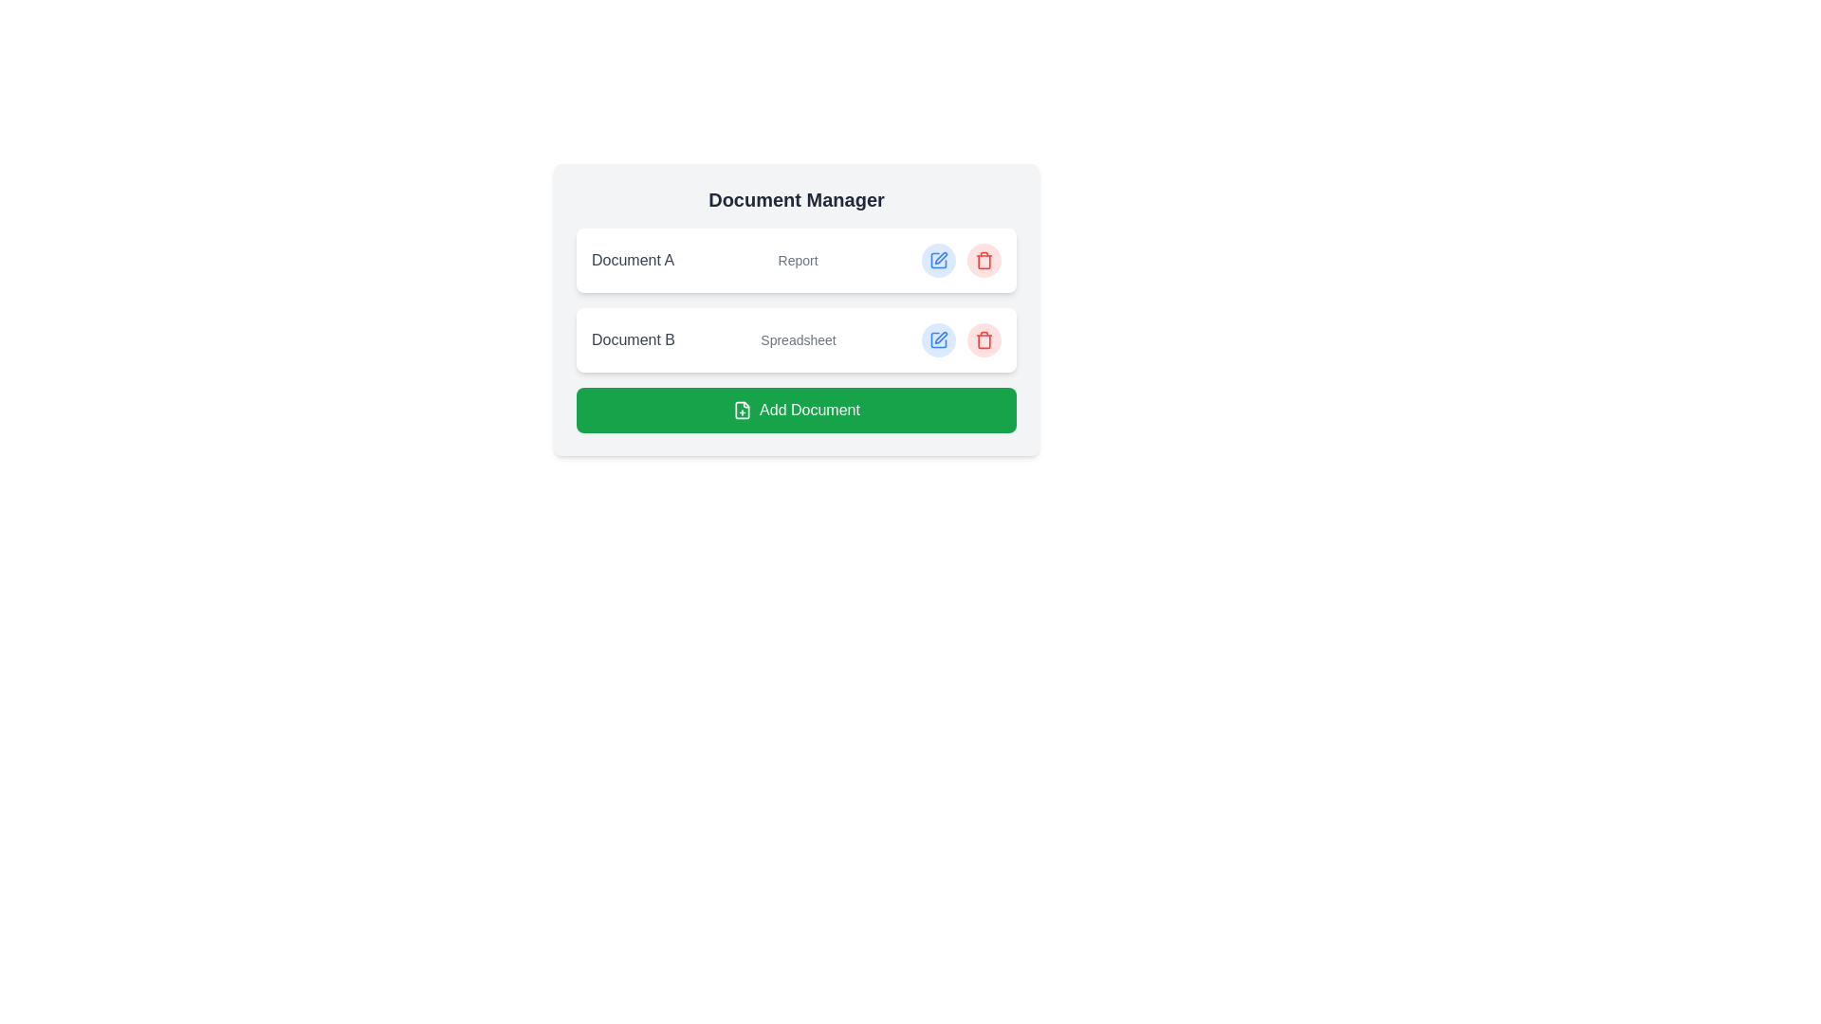 This screenshot has width=1821, height=1024. I want to click on the 'Report' text label, which is styled with a gray font and is located next to 'Document A' in the 'Document Manager' section, so click(798, 260).